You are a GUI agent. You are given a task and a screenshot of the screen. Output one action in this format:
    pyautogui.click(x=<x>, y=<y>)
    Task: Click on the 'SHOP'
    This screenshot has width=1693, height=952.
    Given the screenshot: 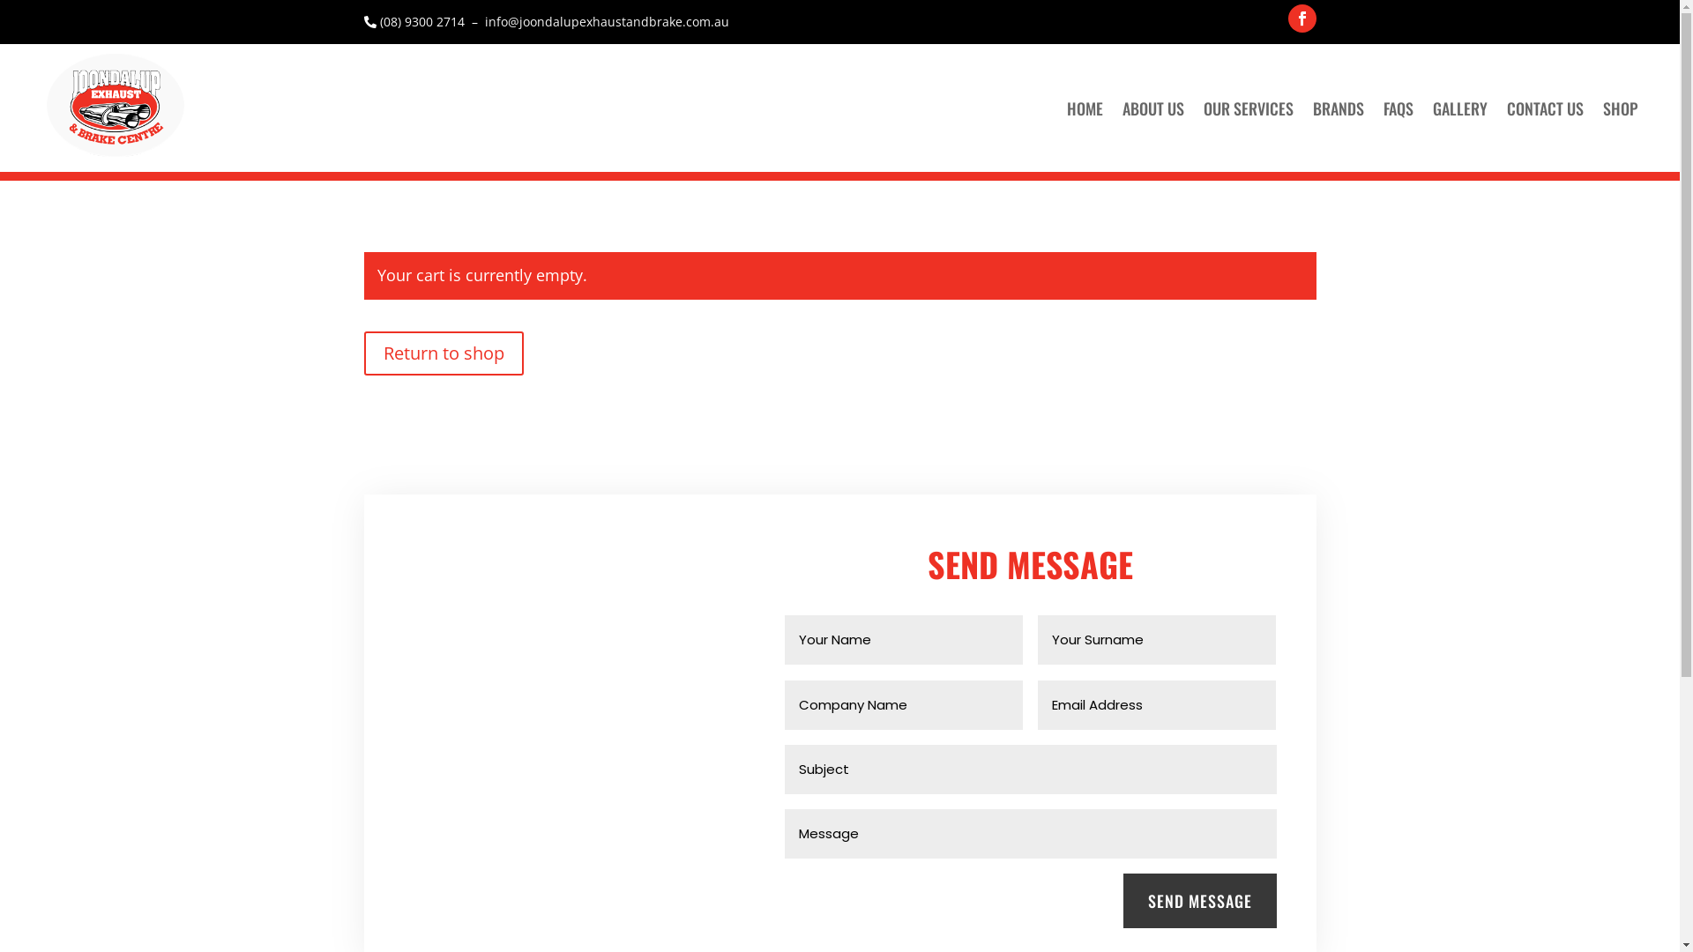 What is the action you would take?
    pyautogui.click(x=1620, y=108)
    